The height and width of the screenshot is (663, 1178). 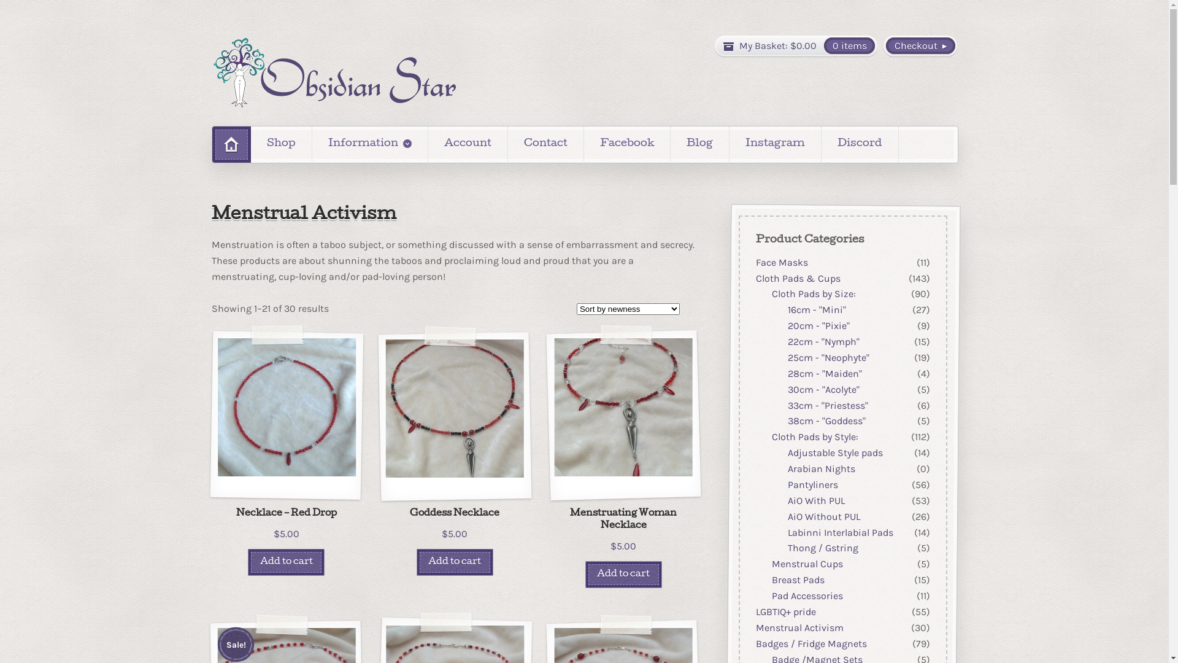 I want to click on 'Cloth Pads by Style:', so click(x=814, y=436).